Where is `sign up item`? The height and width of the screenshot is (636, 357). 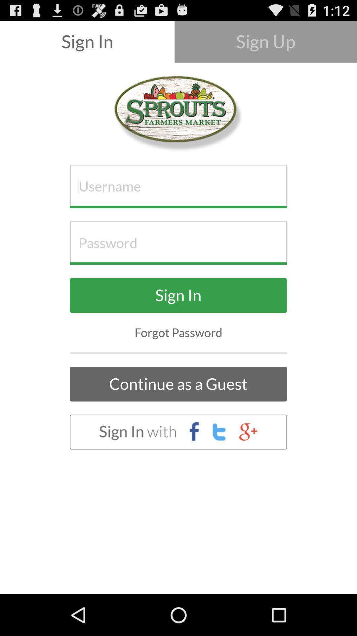 sign up item is located at coordinates (265, 41).